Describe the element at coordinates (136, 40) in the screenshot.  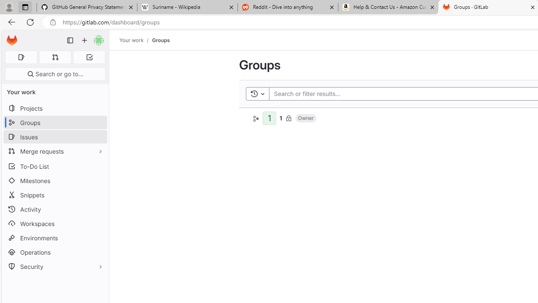
I see `'Your work/'` at that location.